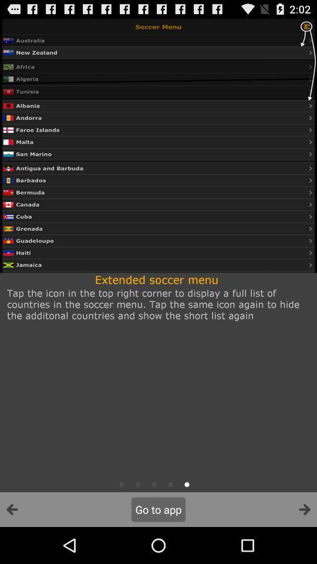 The height and width of the screenshot is (564, 317). I want to click on the arrow_backward icon, so click(12, 545).